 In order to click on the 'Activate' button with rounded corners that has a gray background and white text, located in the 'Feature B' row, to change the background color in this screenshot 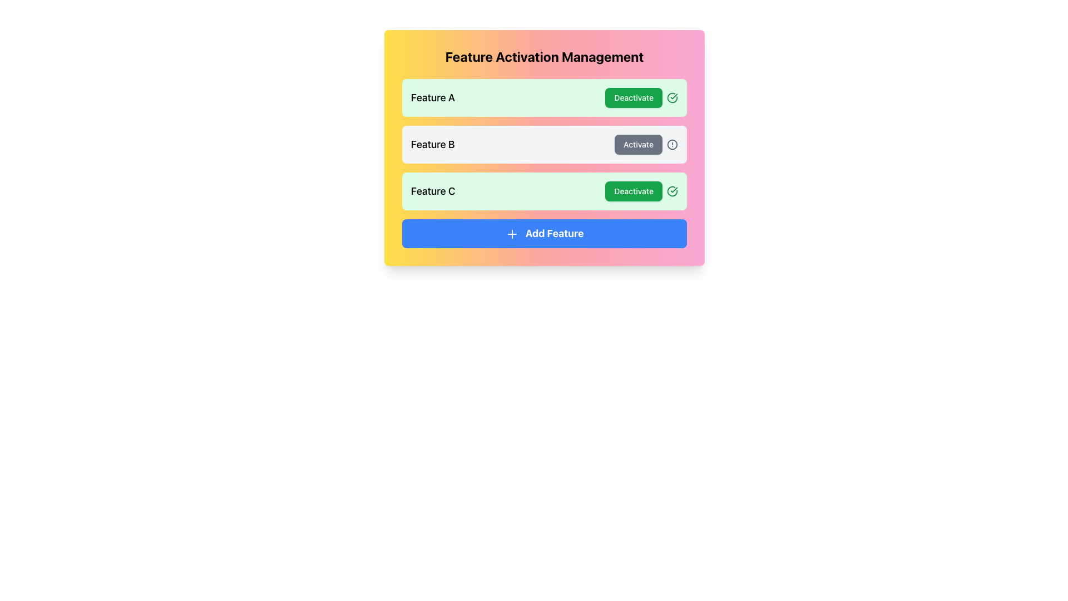, I will do `click(638, 144)`.